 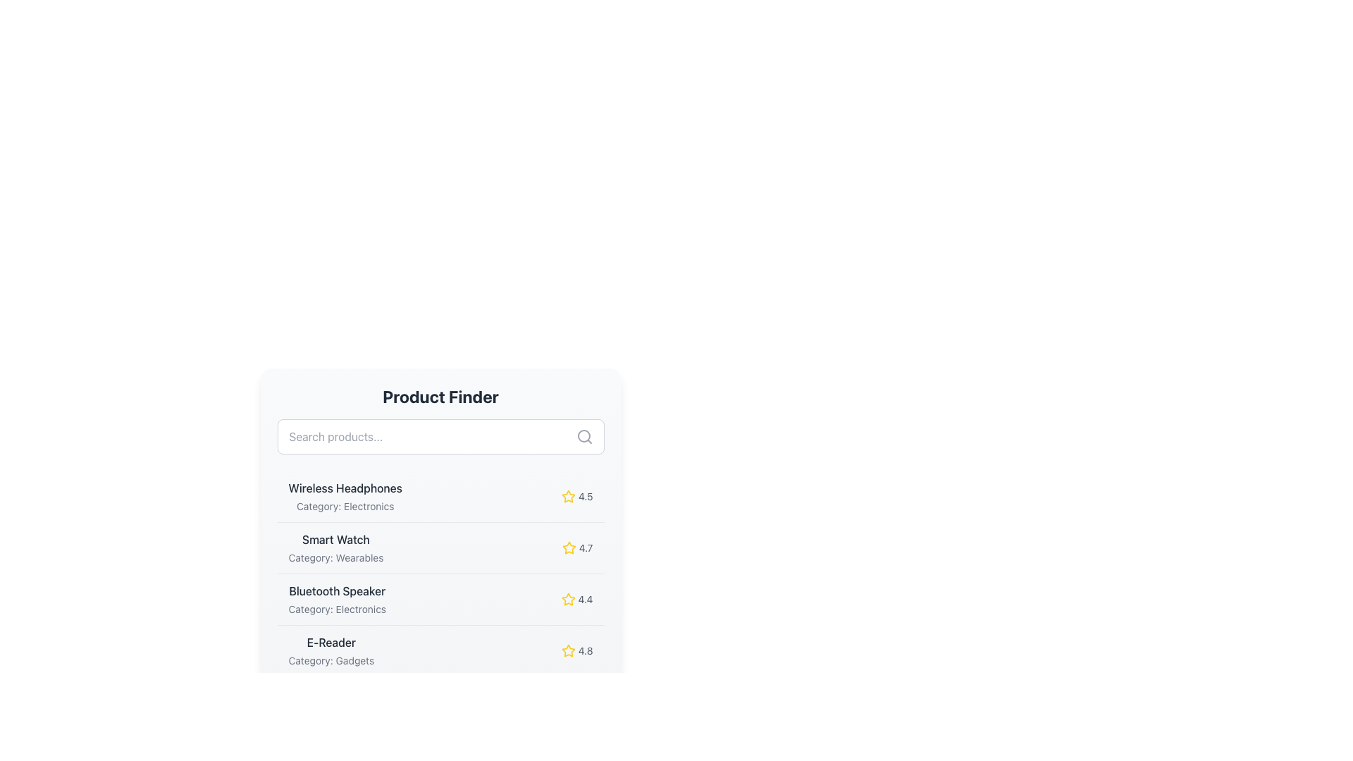 What do you see at coordinates (577, 600) in the screenshot?
I see `the Rating indicator for the Bluetooth Speaker, which consists of a yellow star icon followed by the numerical text '4.4' in gray color` at bounding box center [577, 600].